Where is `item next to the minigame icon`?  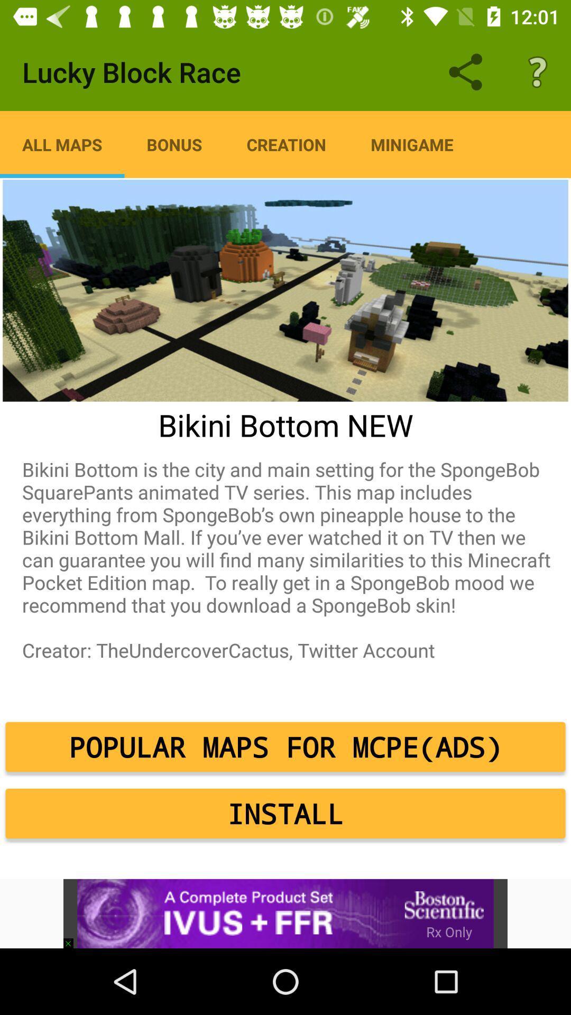
item next to the minigame icon is located at coordinates (286, 144).